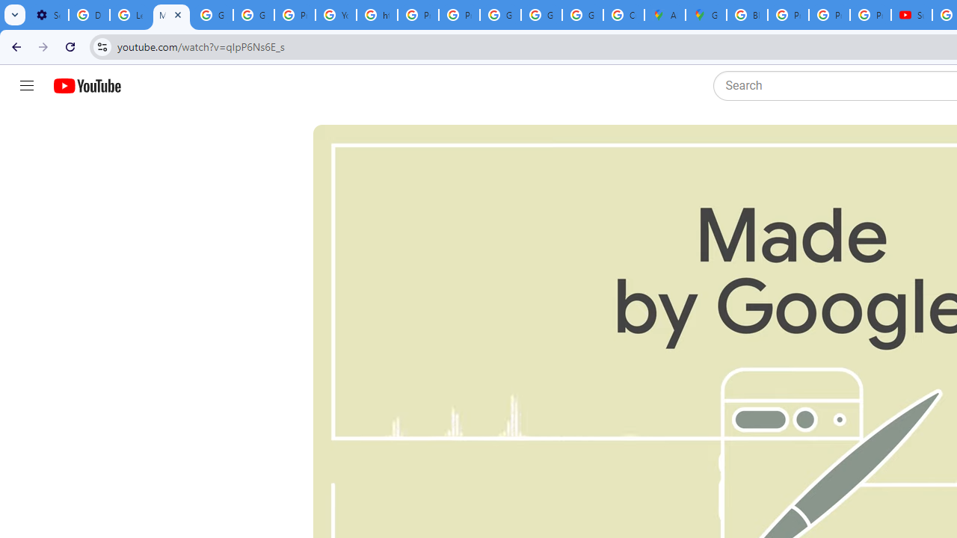 The height and width of the screenshot is (538, 957). Describe the element at coordinates (130, 15) in the screenshot. I see `'Learn how to find your photos - Google Photos Help'` at that location.